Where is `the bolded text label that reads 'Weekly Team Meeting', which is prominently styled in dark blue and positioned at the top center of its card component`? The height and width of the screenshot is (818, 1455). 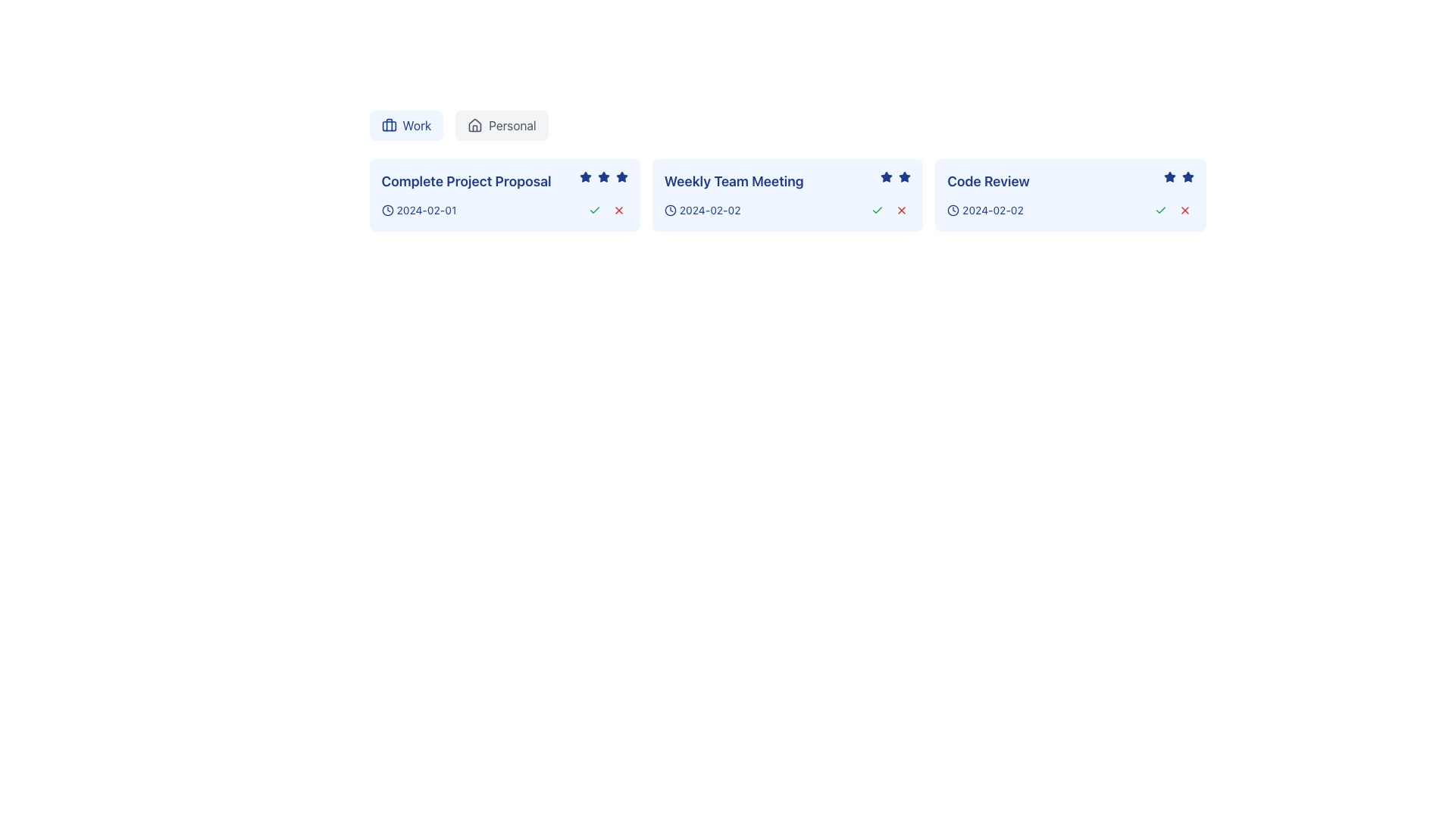
the bolded text label that reads 'Weekly Team Meeting', which is prominently styled in dark blue and positioned at the top center of its card component is located at coordinates (734, 180).